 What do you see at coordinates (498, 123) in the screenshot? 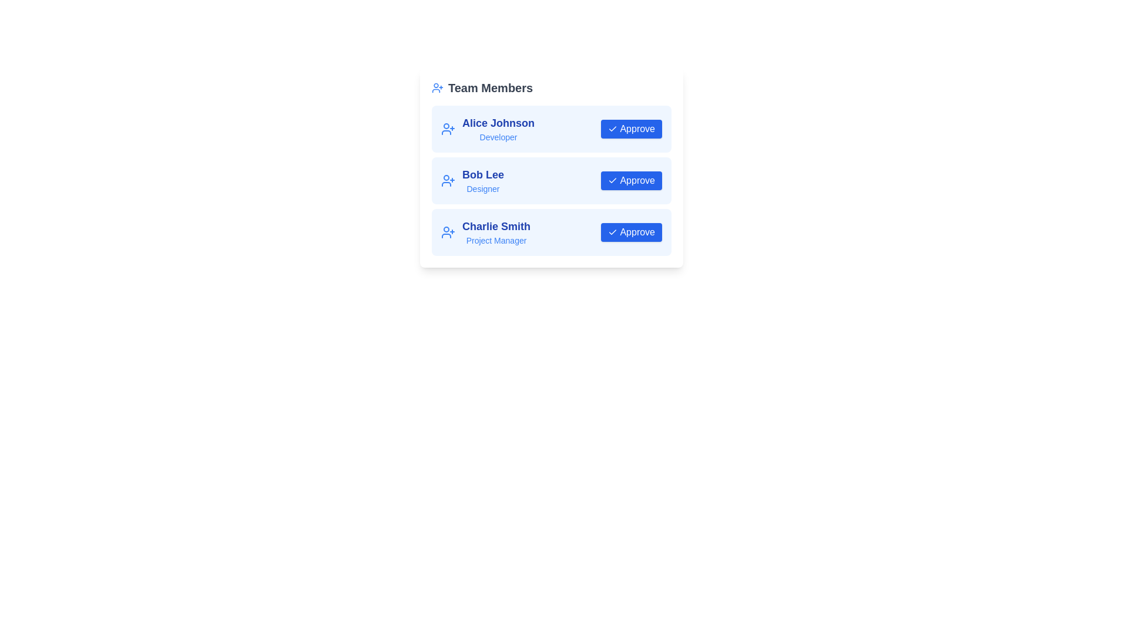
I see `text content of the bold blue text label displaying 'Alice Johnson' in the user detail section of the 'Team Members' list` at bounding box center [498, 123].